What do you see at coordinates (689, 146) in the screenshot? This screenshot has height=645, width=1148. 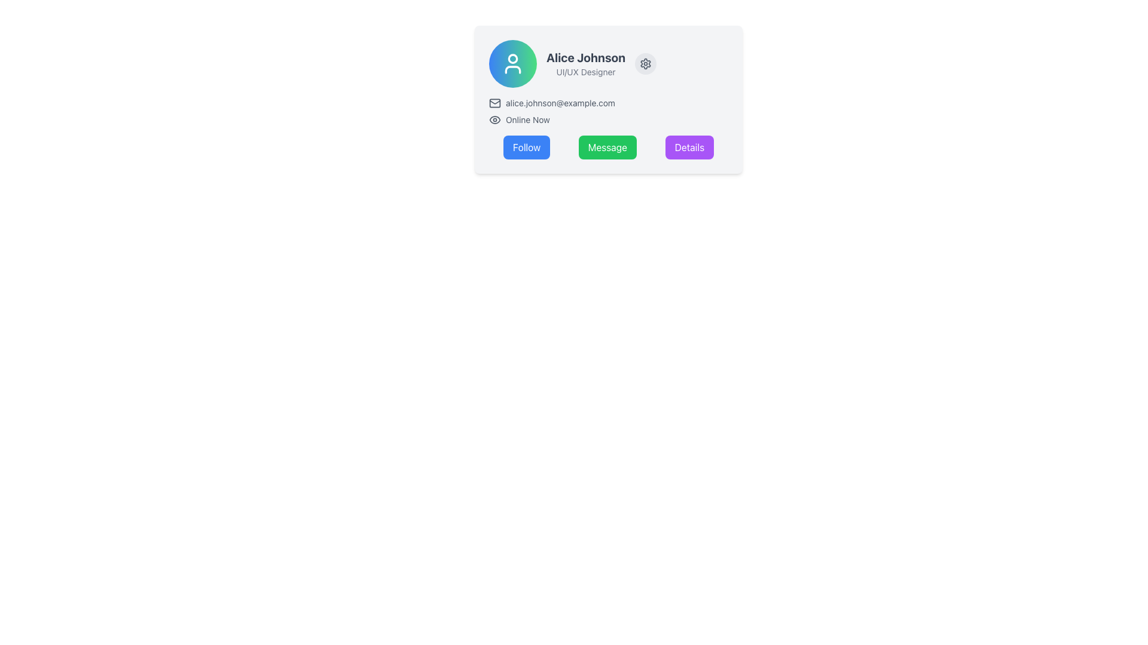 I see `the 'Details' button, which is a rectangular button with rounded edges, styled with a purple background and white text, located to the right of the 'Follow' and 'Message' buttons` at bounding box center [689, 146].